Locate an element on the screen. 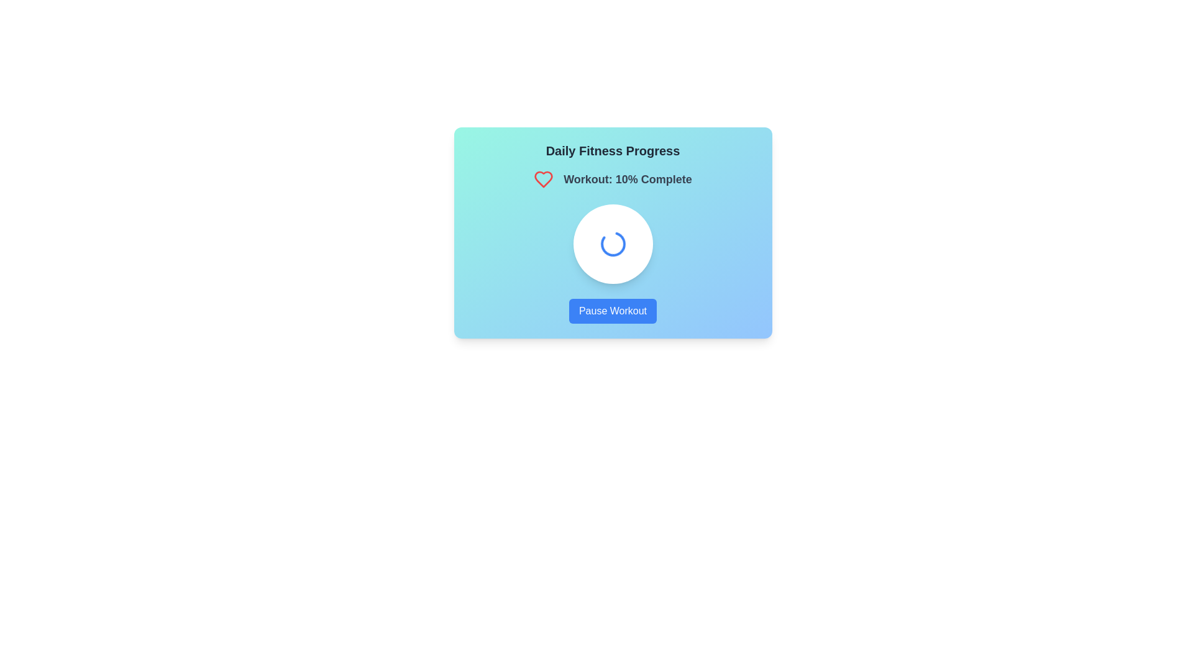 Image resolution: width=1193 pixels, height=671 pixels. the title or heading element located at the top center of the card layout, which summarizes the purpose or content of the card is located at coordinates (613, 150).